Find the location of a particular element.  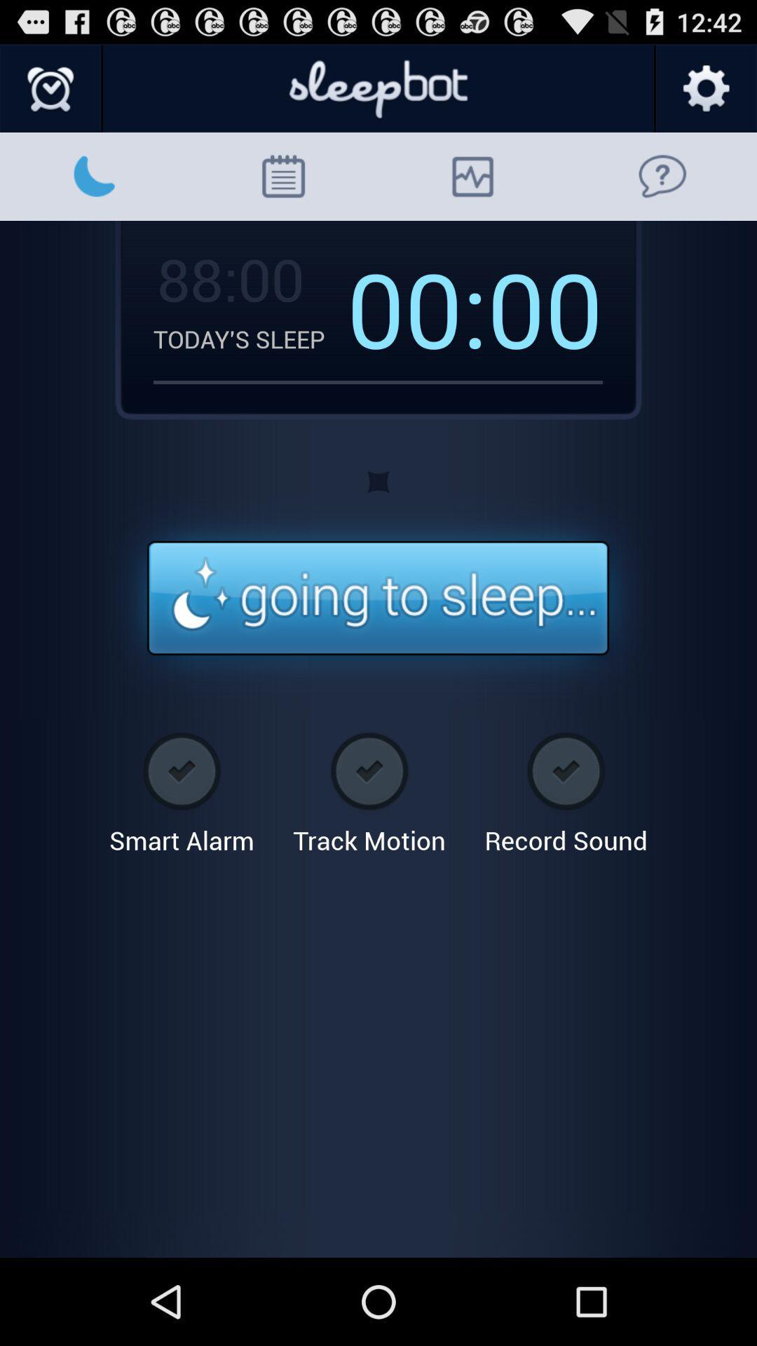

settings is located at coordinates (705, 88).